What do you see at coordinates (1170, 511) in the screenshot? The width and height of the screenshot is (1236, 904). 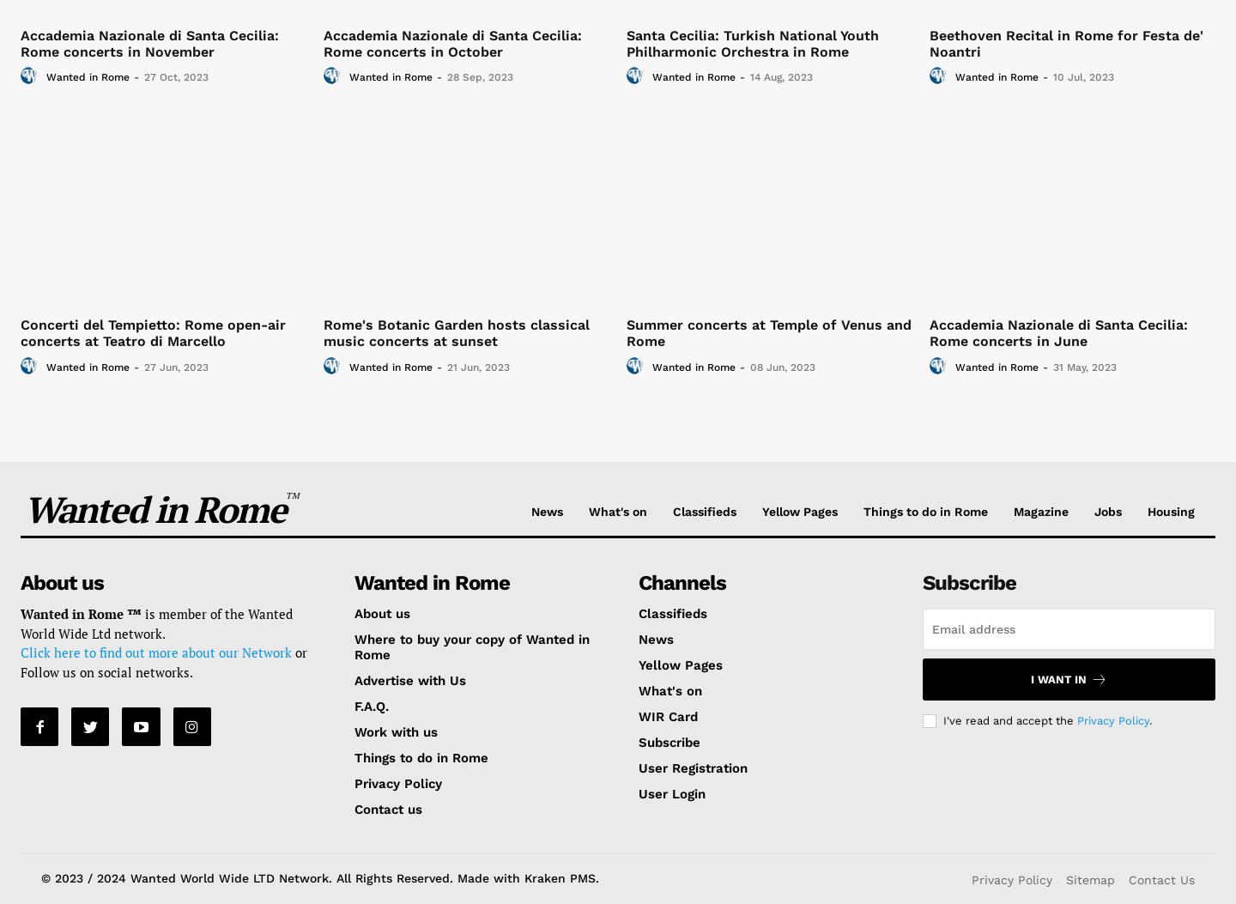 I see `'Housing'` at bounding box center [1170, 511].